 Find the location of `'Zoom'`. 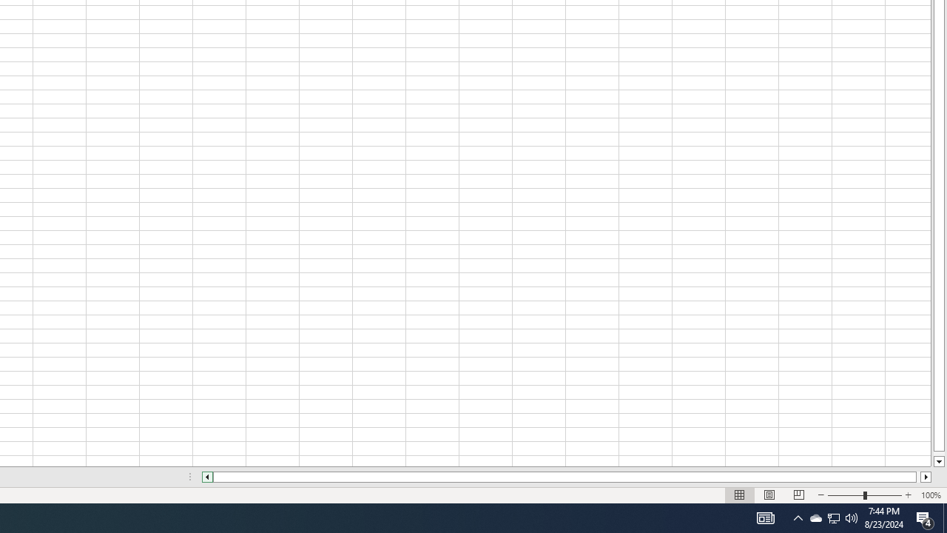

'Zoom' is located at coordinates (864, 495).